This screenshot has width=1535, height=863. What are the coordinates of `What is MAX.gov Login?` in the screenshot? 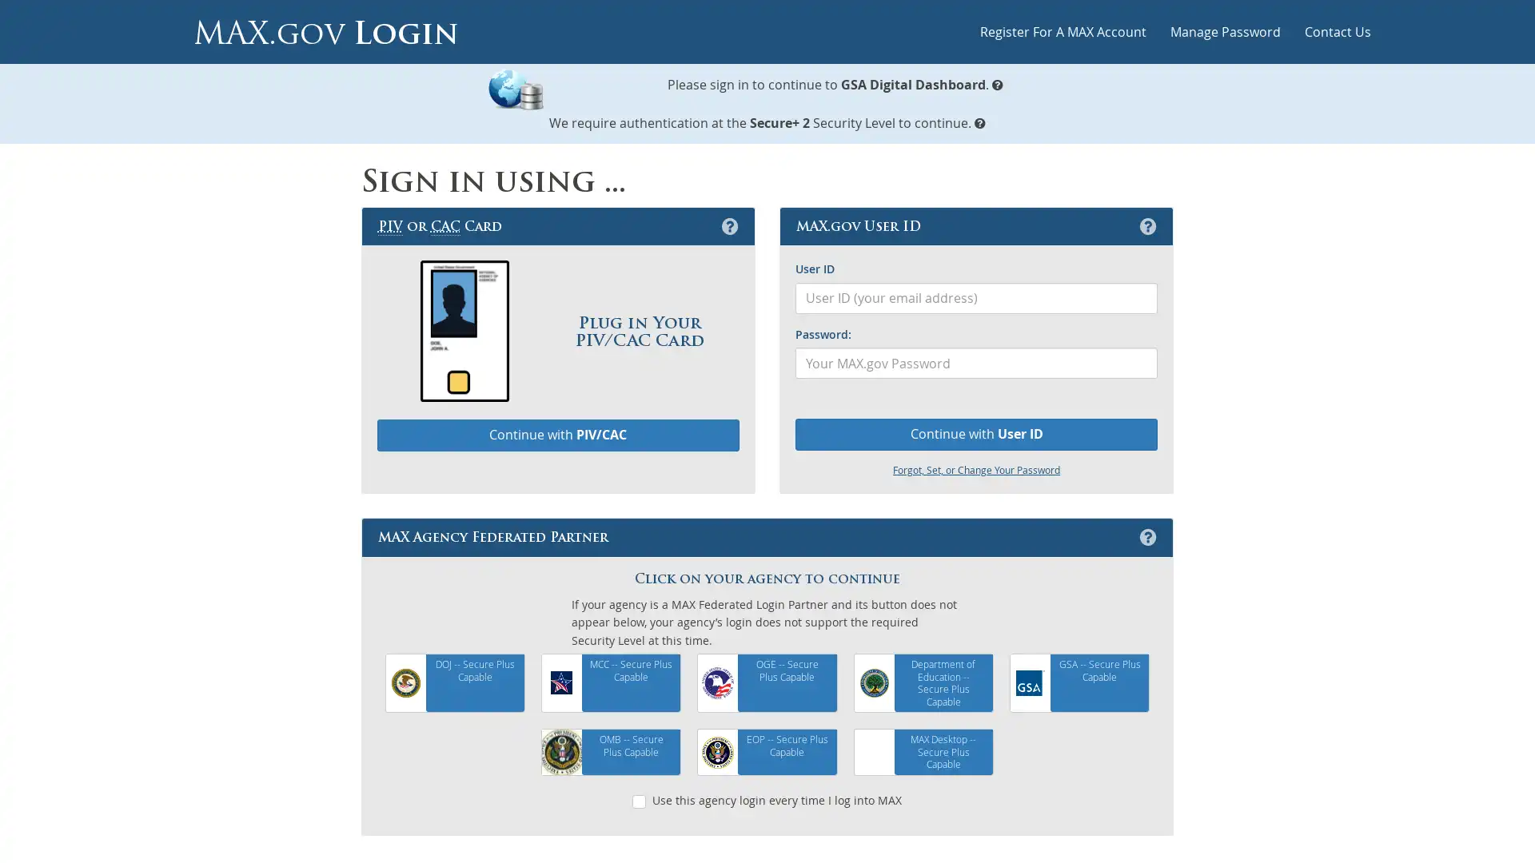 It's located at (997, 83).